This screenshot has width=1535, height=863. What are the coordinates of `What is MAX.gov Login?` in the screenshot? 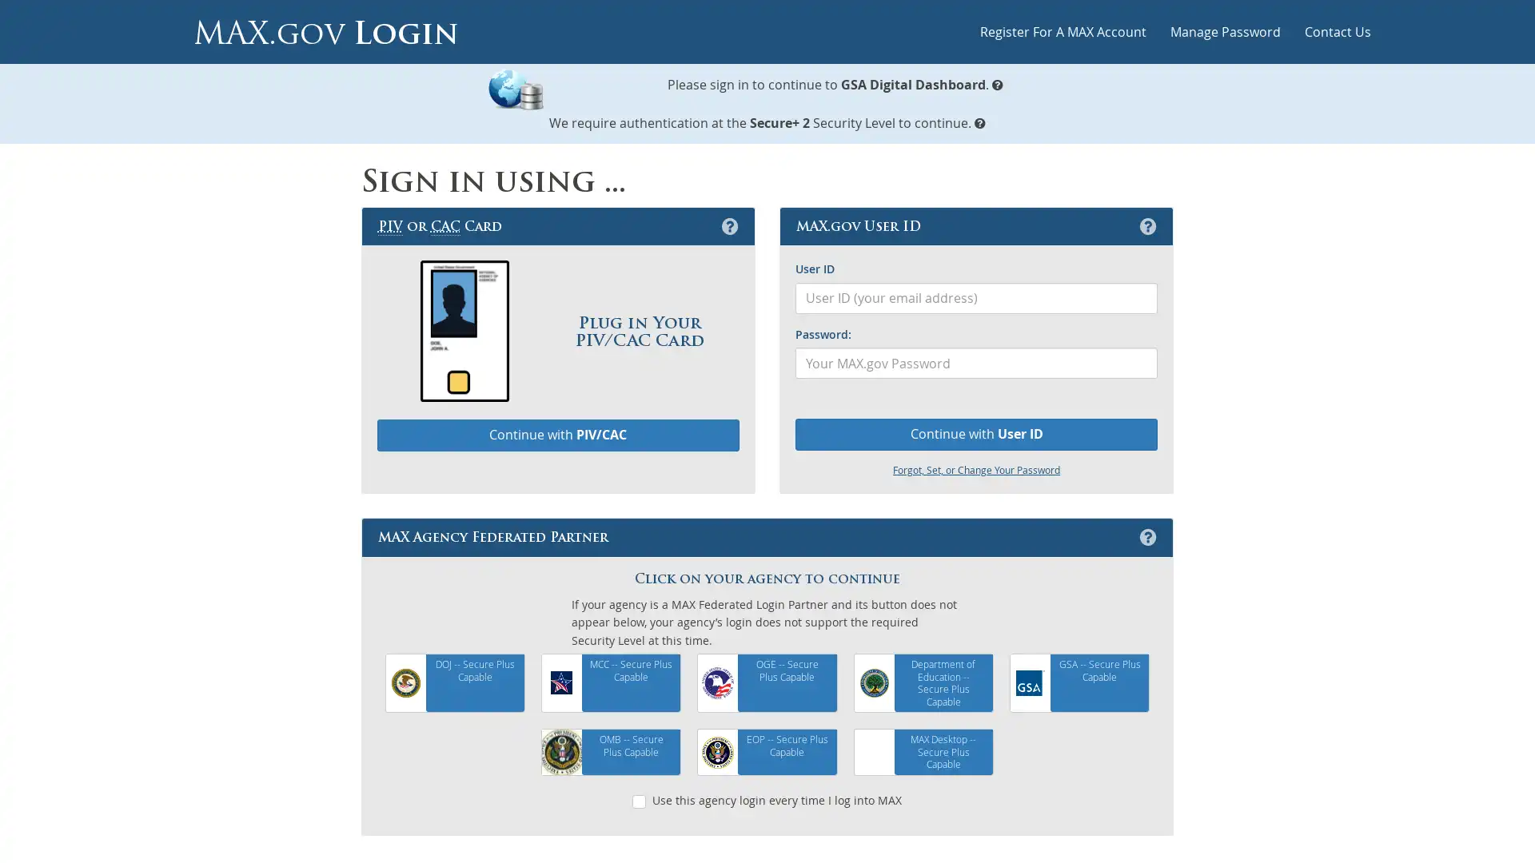 It's located at (997, 83).